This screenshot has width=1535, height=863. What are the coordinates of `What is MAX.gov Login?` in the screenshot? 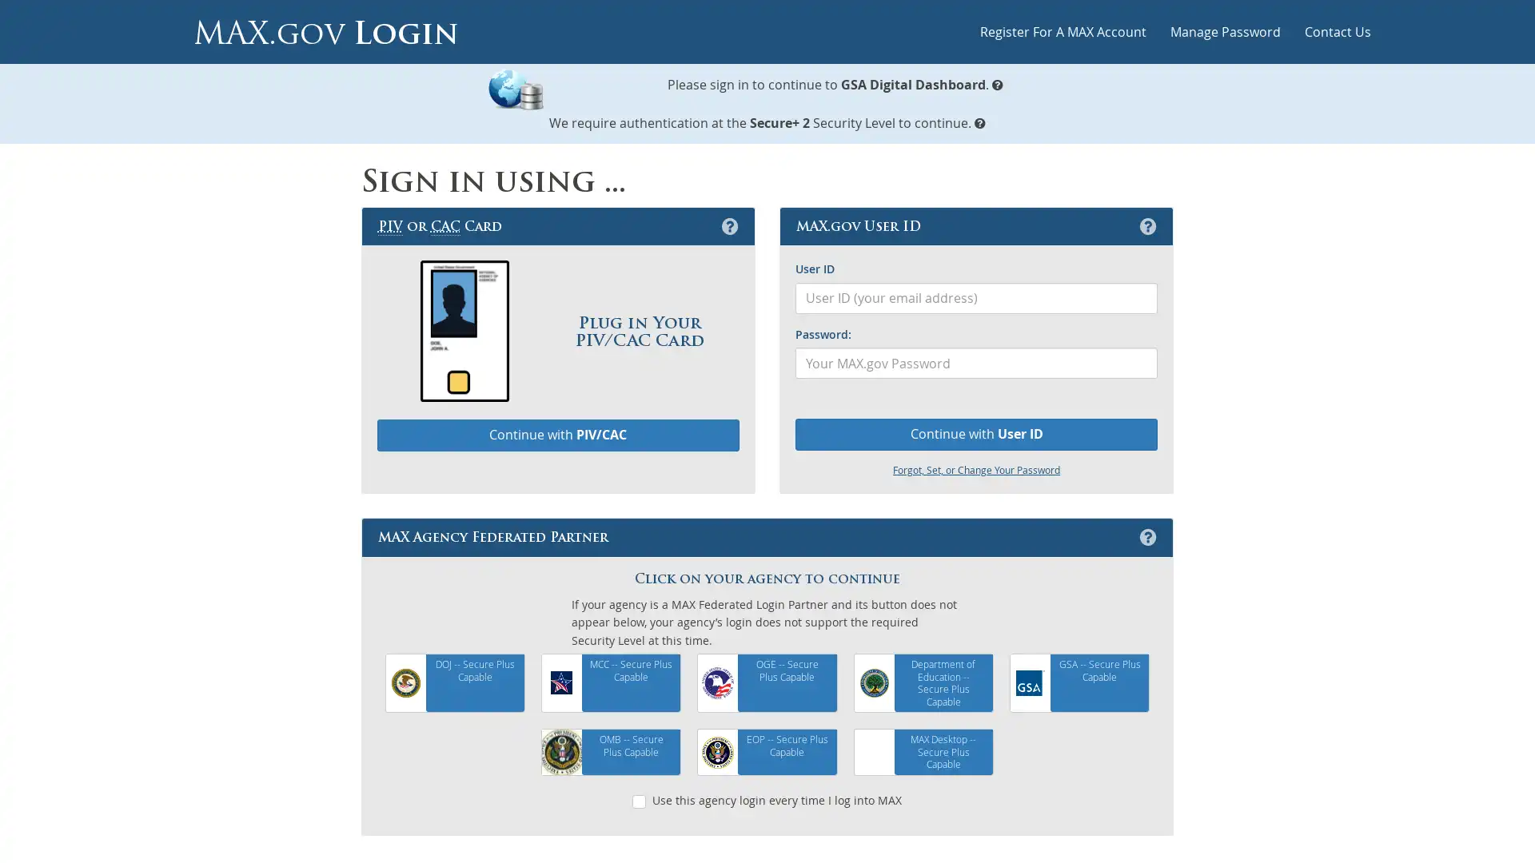 It's located at (997, 83).